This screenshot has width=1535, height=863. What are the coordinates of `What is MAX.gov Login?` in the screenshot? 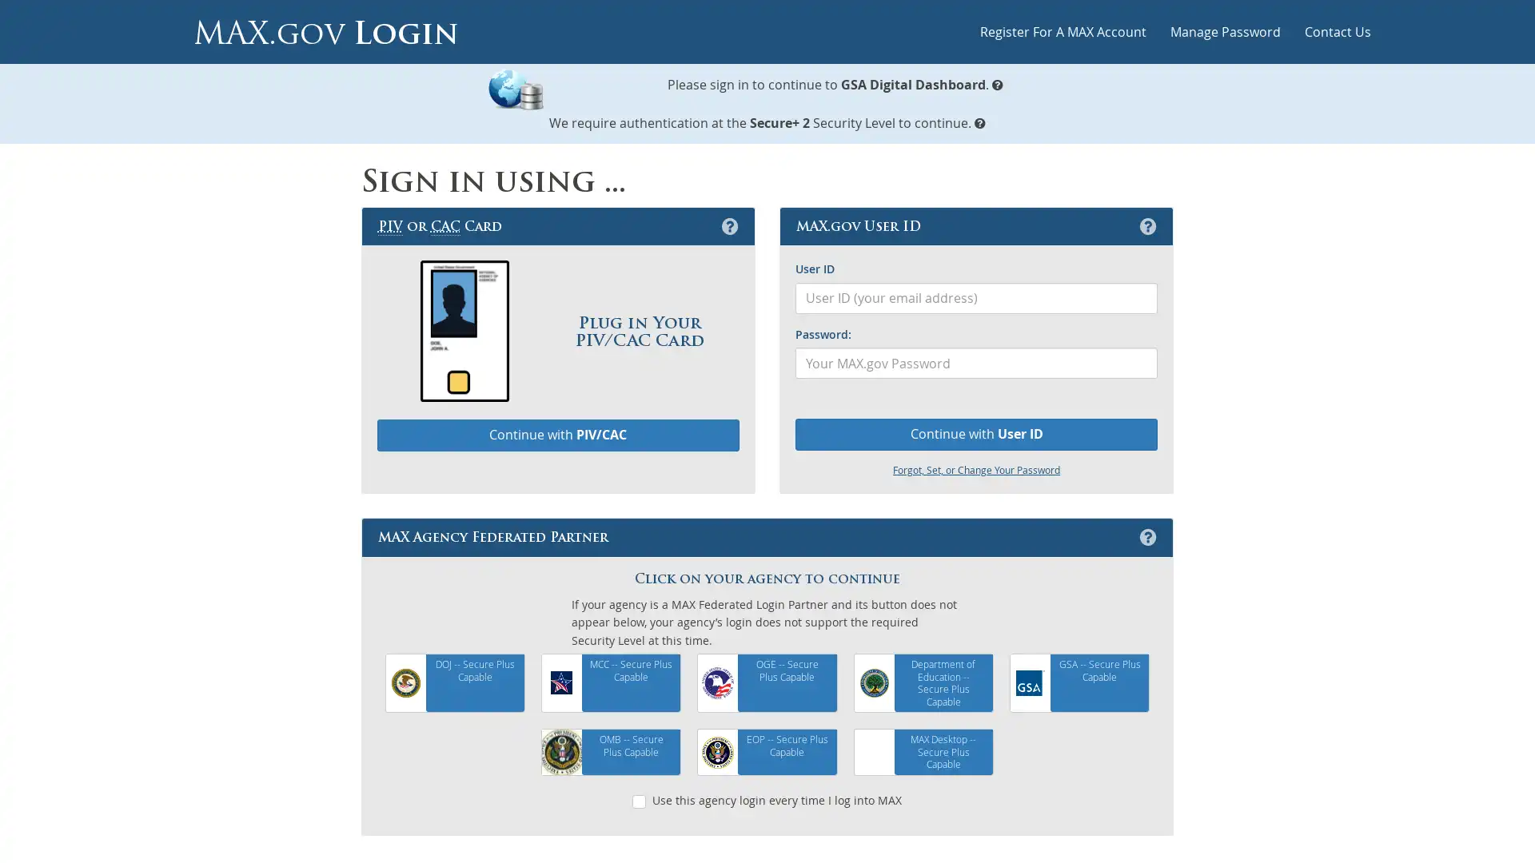 It's located at (997, 83).